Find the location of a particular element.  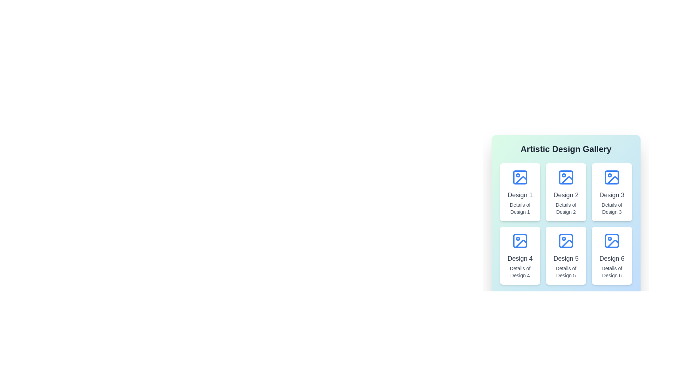

the card labeled 'Design 4' which has a white background, rounded corners, and a blue picture icon at the top is located at coordinates (520, 256).